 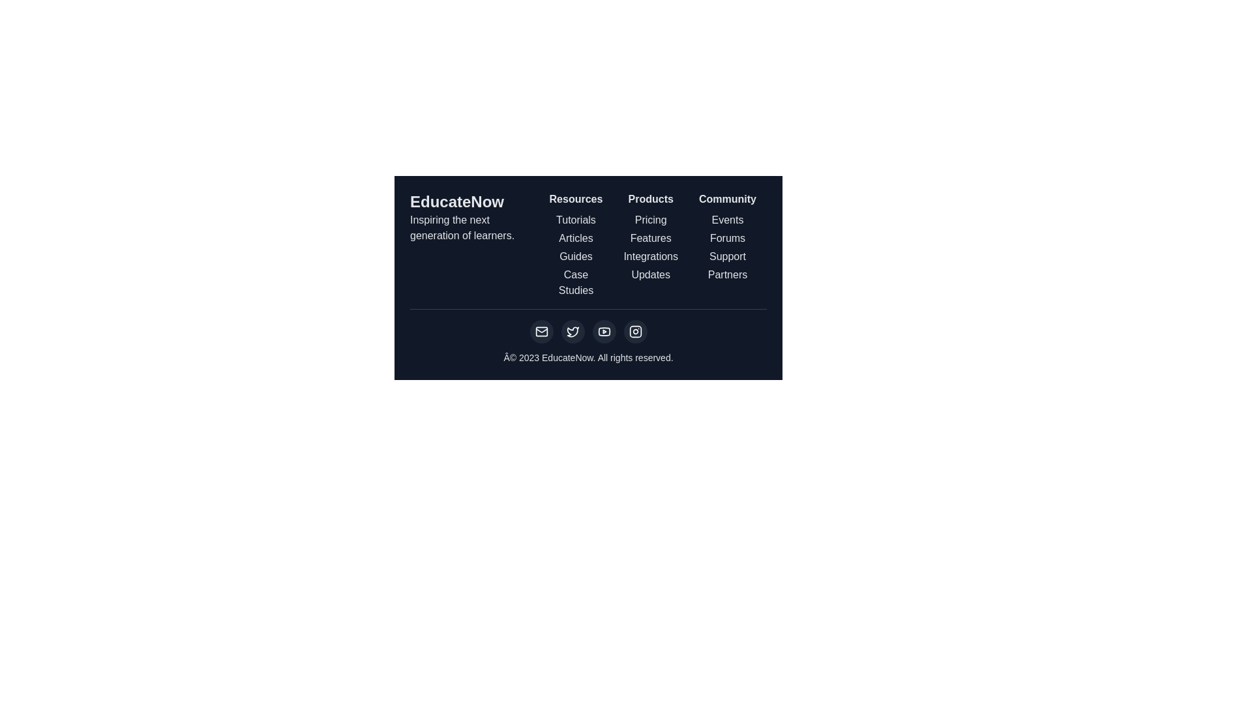 What do you see at coordinates (588, 357) in the screenshot?
I see `the text string displaying '© 2023 EducateNow. All rights reserved.' located at the bottom of the footer section for copying` at bounding box center [588, 357].